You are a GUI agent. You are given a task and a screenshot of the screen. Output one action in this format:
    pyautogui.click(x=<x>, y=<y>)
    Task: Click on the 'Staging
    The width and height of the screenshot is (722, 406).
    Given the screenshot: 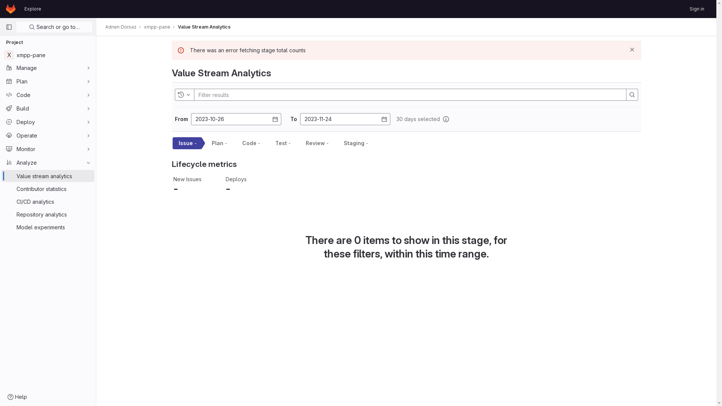 What is the action you would take?
    pyautogui.click(x=354, y=143)
    